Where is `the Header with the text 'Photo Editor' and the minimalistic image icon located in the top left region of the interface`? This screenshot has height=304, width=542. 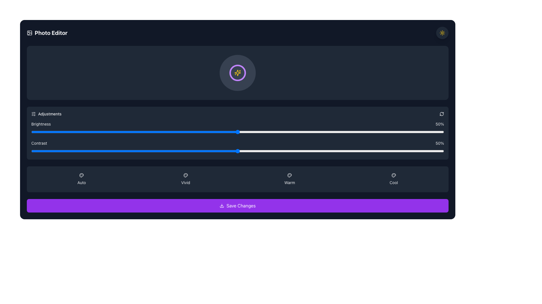 the Header with the text 'Photo Editor' and the minimalistic image icon located in the top left region of the interface is located at coordinates (47, 33).